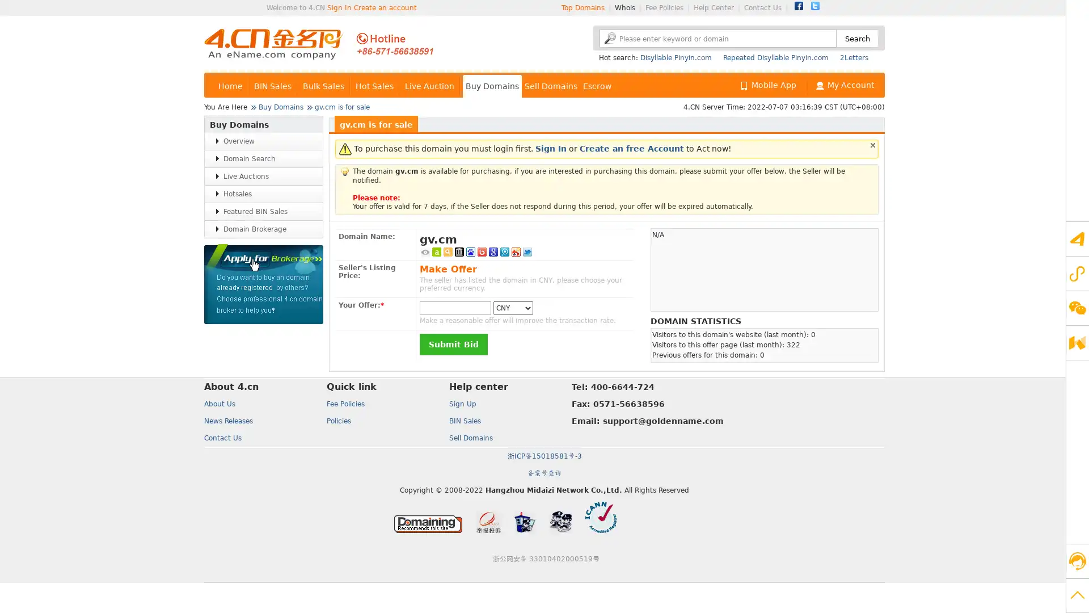 Image resolution: width=1089 pixels, height=613 pixels. Describe the element at coordinates (454, 343) in the screenshot. I see `Submit Bid` at that location.